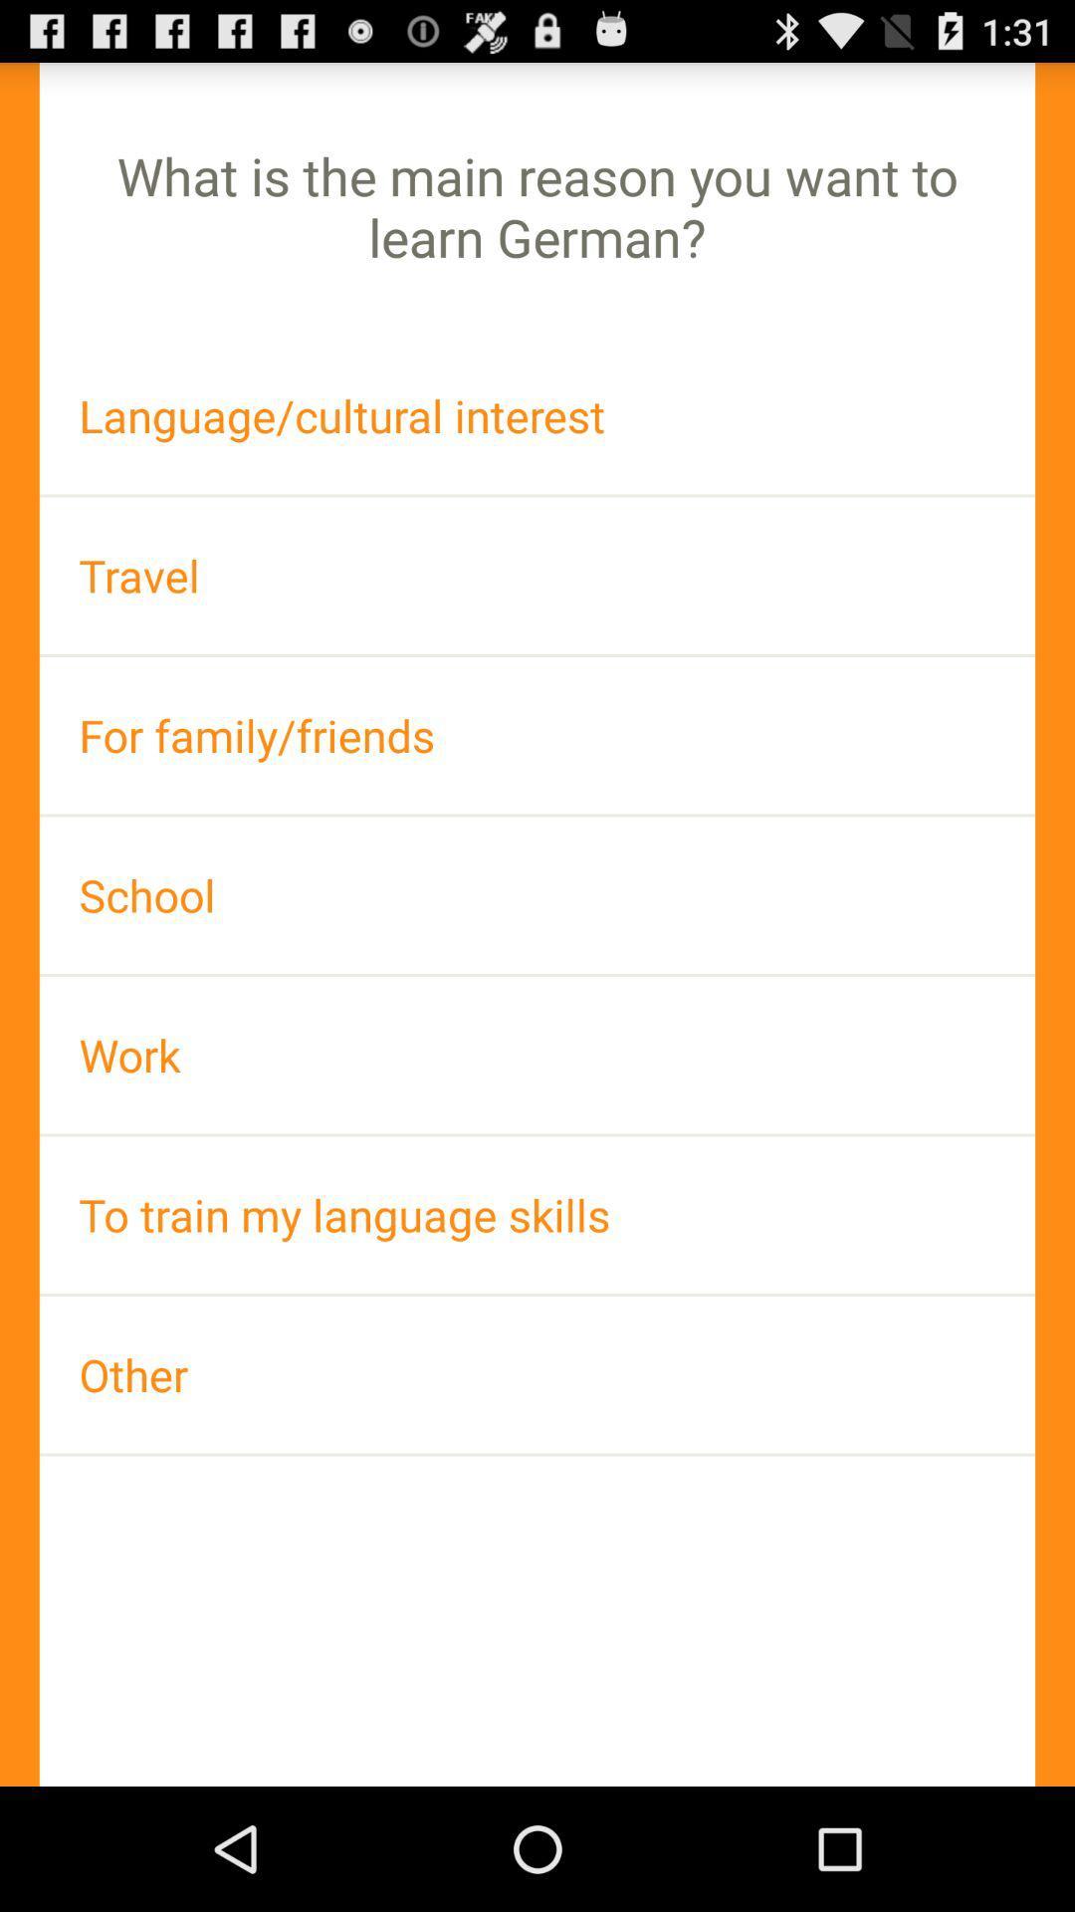  I want to click on the item above for family/friends icon, so click(537, 575).